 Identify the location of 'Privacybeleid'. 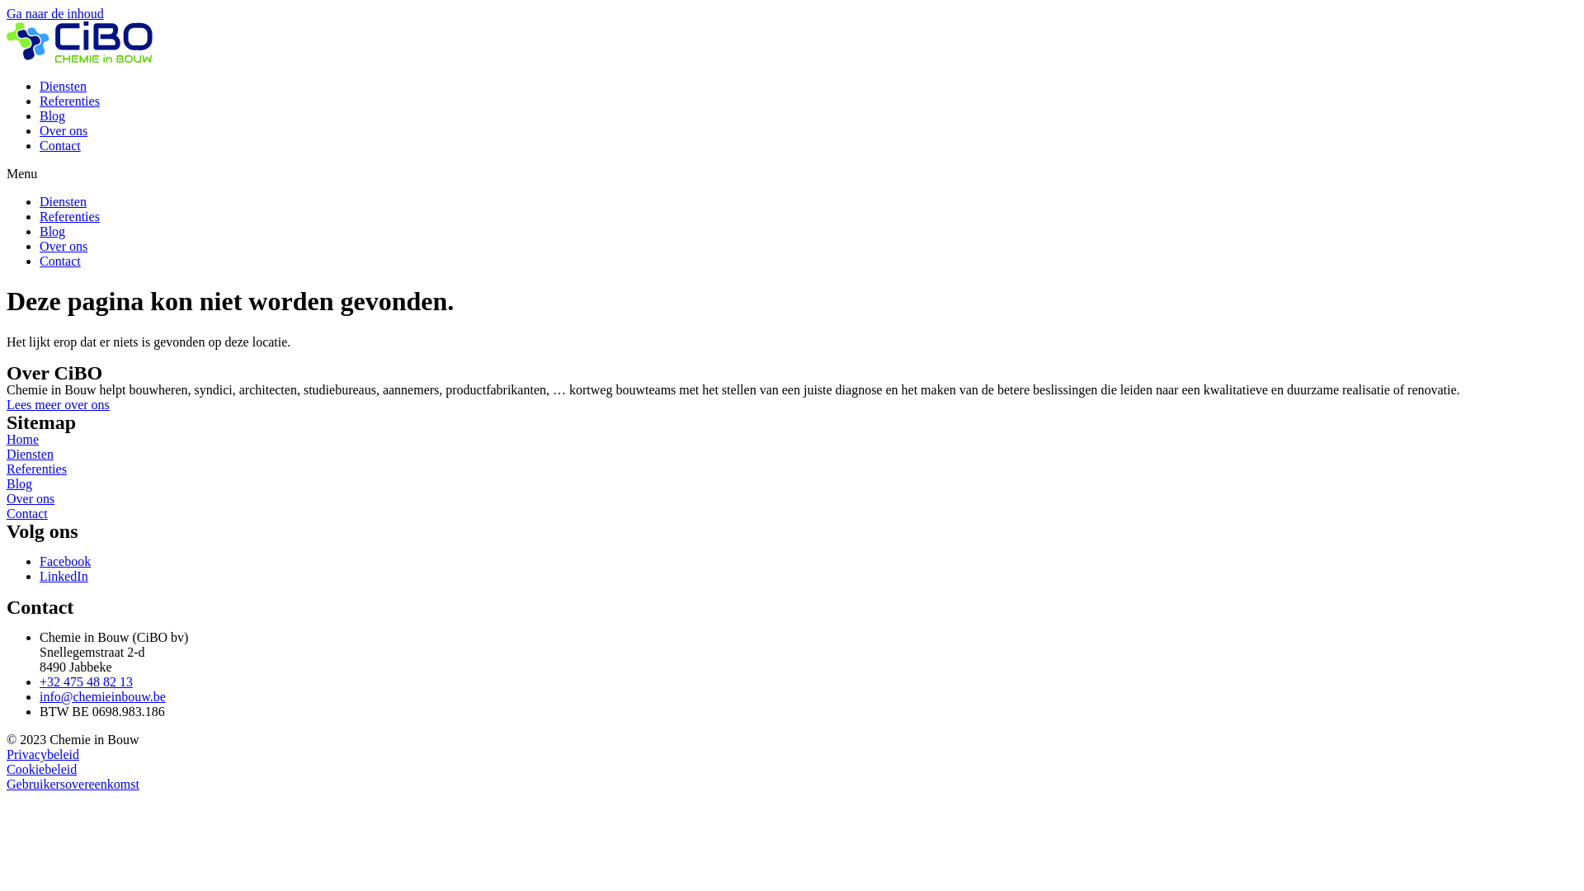
(43, 754).